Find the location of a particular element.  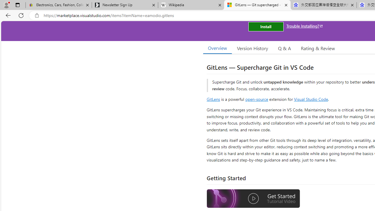

'GitLens' is located at coordinates (213, 99).